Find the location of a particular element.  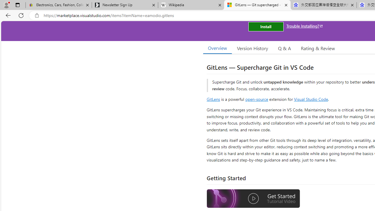

'GitLens' is located at coordinates (213, 99).